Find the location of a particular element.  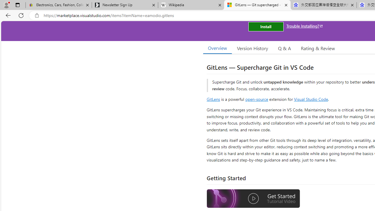

'GitLens' is located at coordinates (213, 99).